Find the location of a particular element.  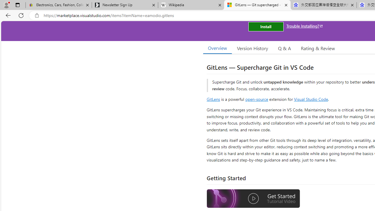

'GitLens' is located at coordinates (213, 99).